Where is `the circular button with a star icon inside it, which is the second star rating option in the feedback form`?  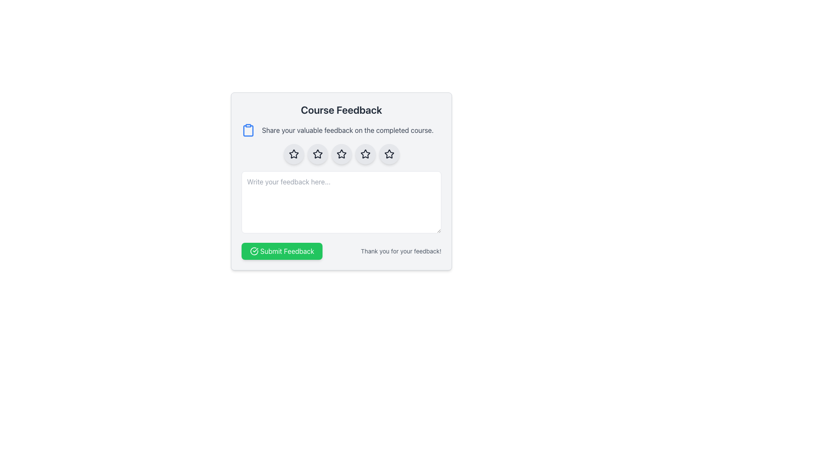
the circular button with a star icon inside it, which is the second star rating option in the feedback form is located at coordinates (294, 154).